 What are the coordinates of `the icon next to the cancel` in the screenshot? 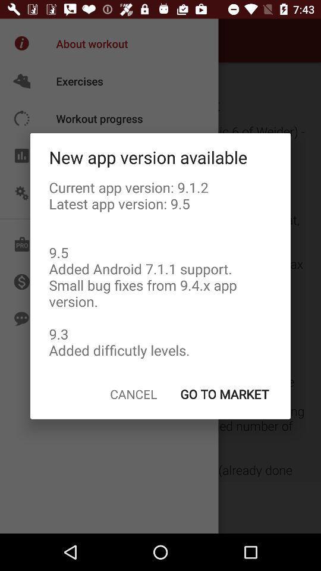 It's located at (224, 394).